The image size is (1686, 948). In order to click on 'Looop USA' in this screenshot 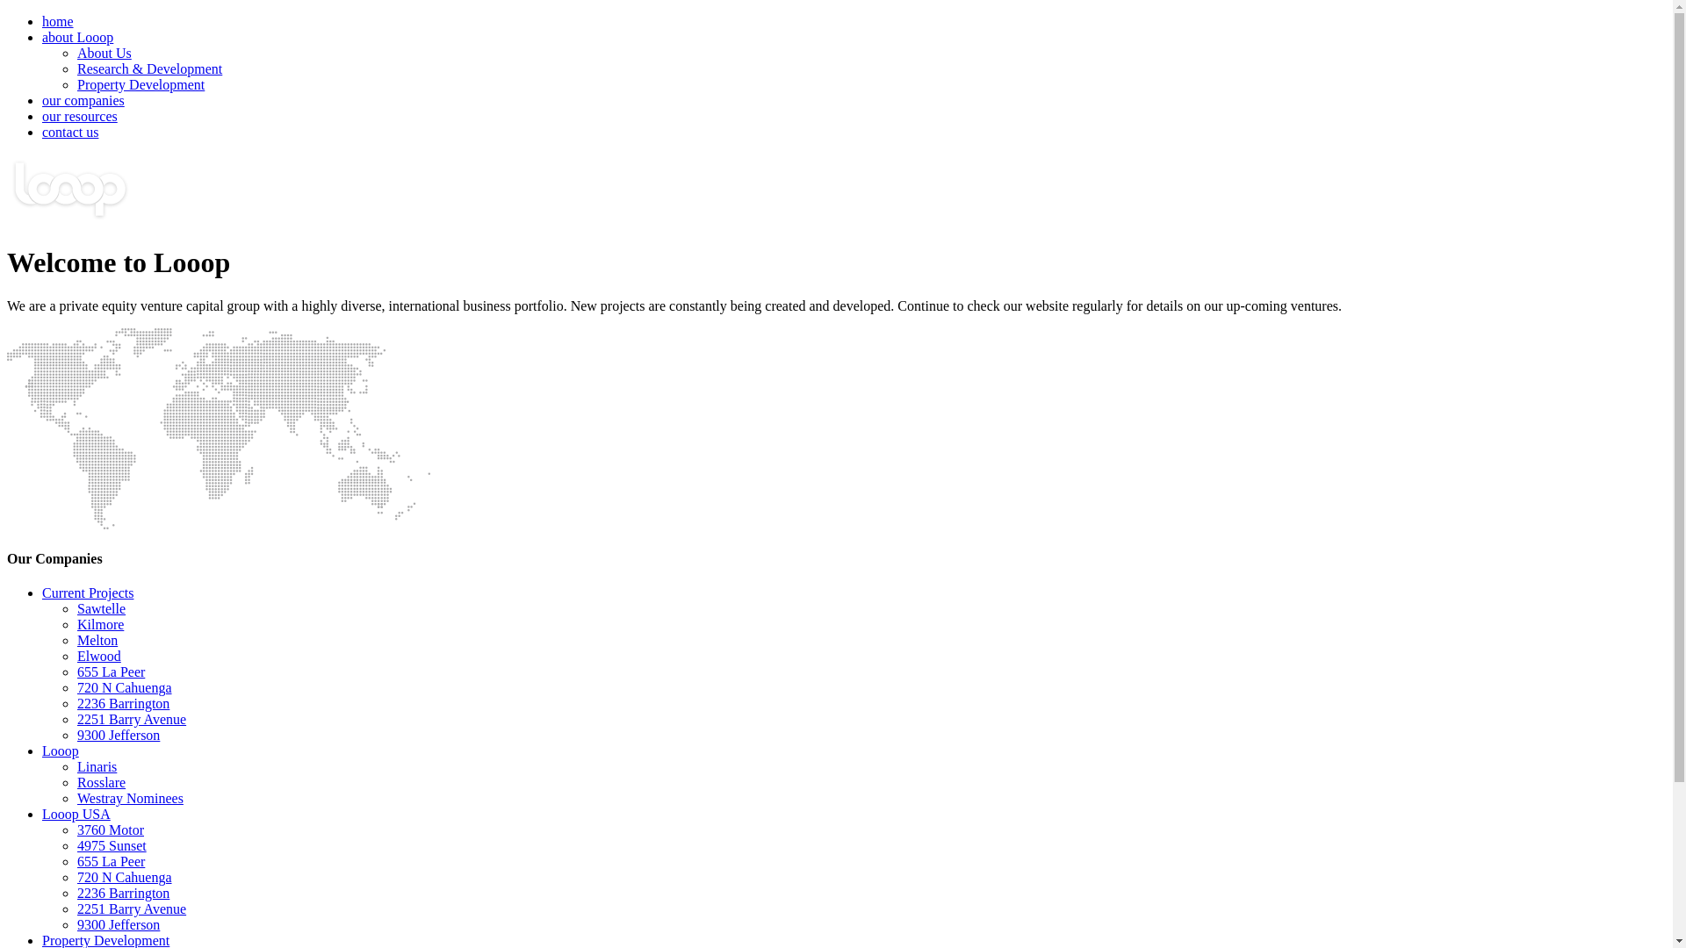, I will do `click(42, 814)`.